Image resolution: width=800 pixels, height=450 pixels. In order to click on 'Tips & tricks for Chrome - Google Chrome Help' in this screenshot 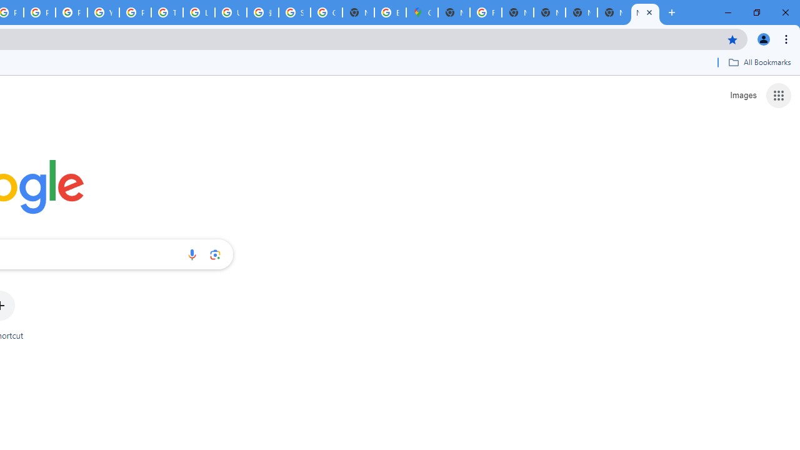, I will do `click(166, 12)`.